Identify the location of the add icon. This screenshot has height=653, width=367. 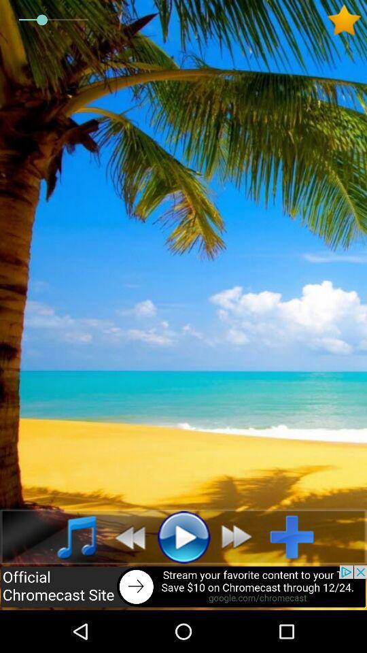
(296, 537).